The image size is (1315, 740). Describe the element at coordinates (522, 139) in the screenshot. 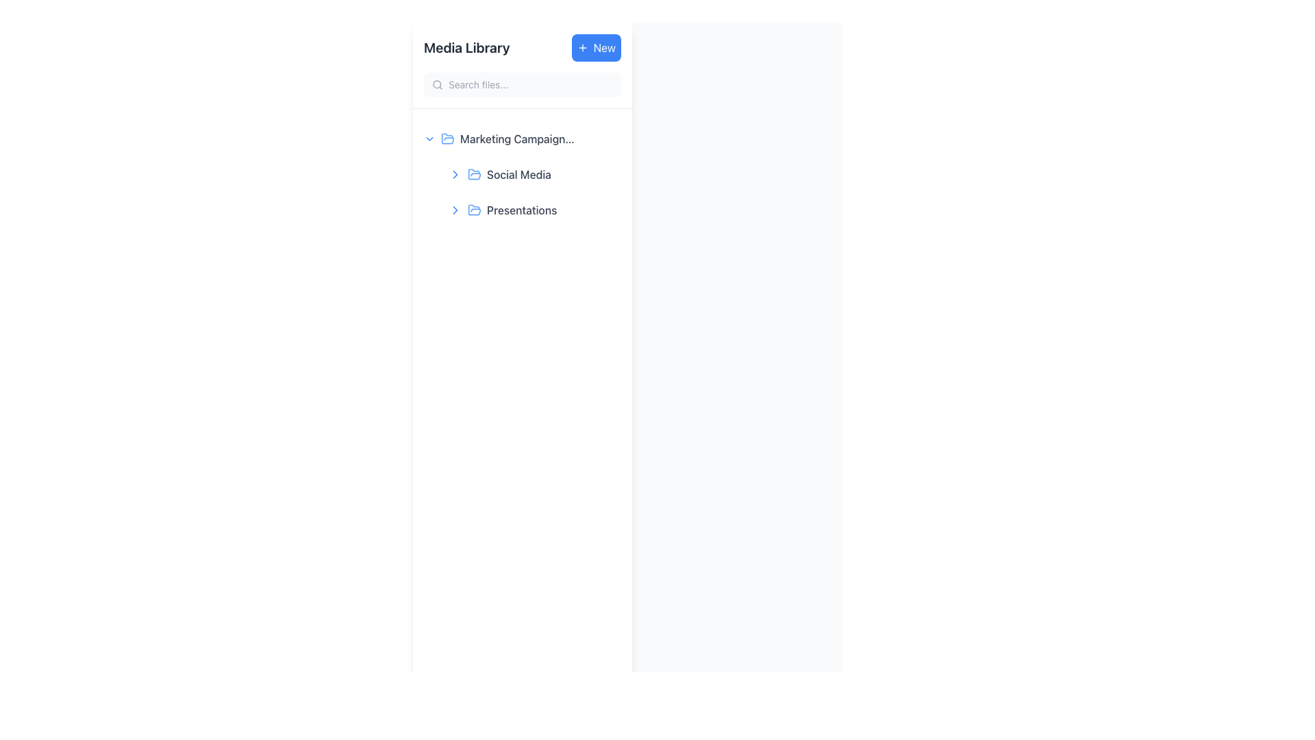

I see `the folder icon of the Expandable list item located in the sidebar navigation panel` at that location.